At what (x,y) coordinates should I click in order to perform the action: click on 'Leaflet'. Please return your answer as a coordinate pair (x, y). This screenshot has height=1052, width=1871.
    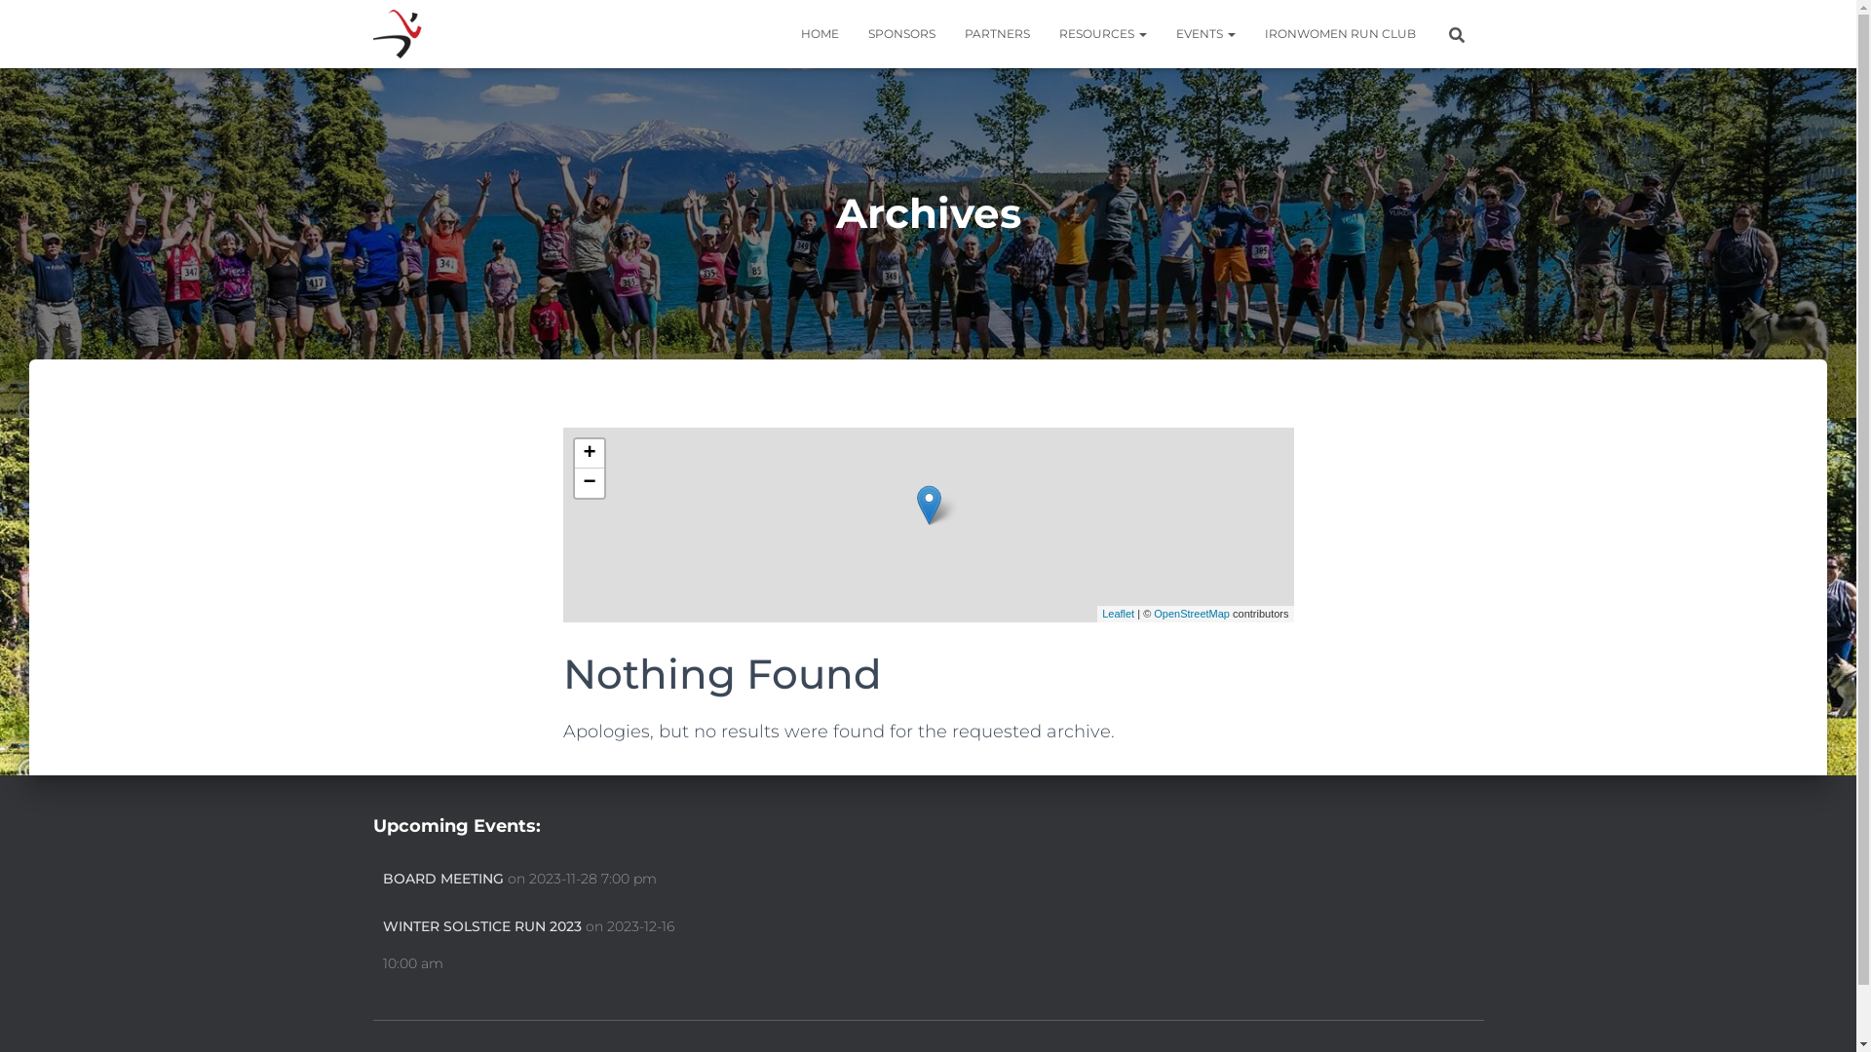
    Looking at the image, I should click on (1118, 612).